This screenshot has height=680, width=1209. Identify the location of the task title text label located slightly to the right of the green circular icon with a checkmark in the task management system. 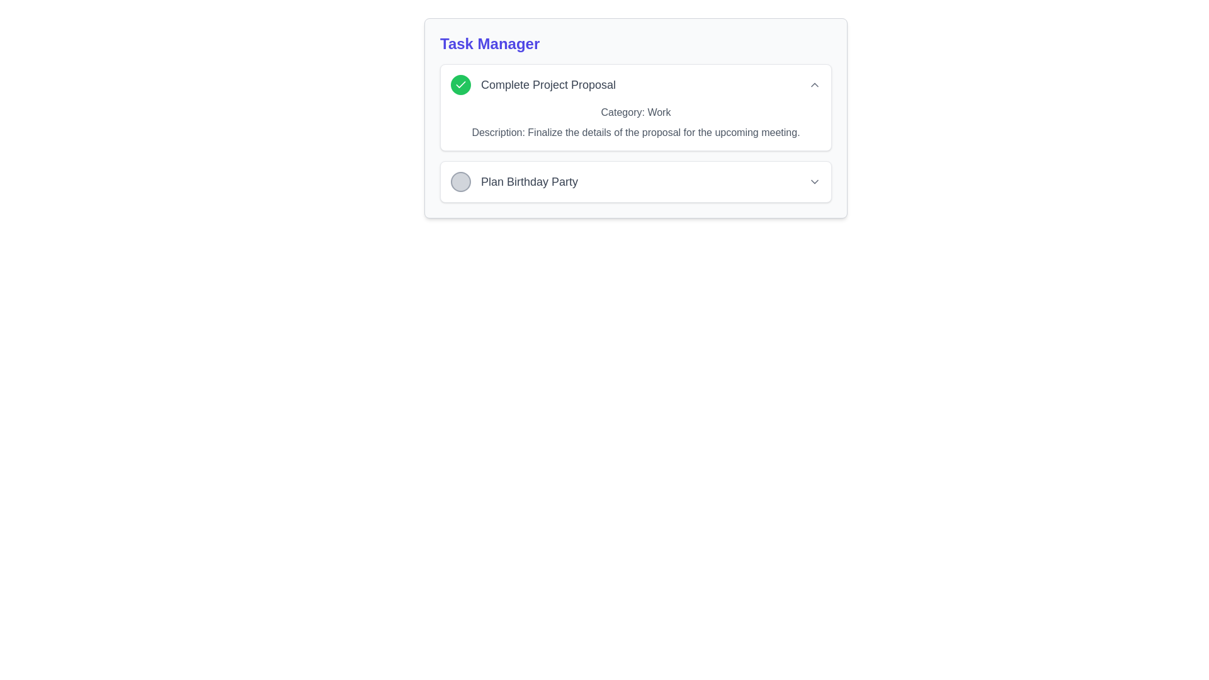
(548, 85).